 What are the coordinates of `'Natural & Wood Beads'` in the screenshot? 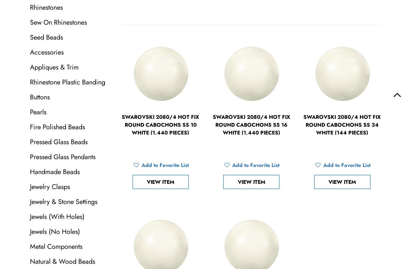 It's located at (62, 261).